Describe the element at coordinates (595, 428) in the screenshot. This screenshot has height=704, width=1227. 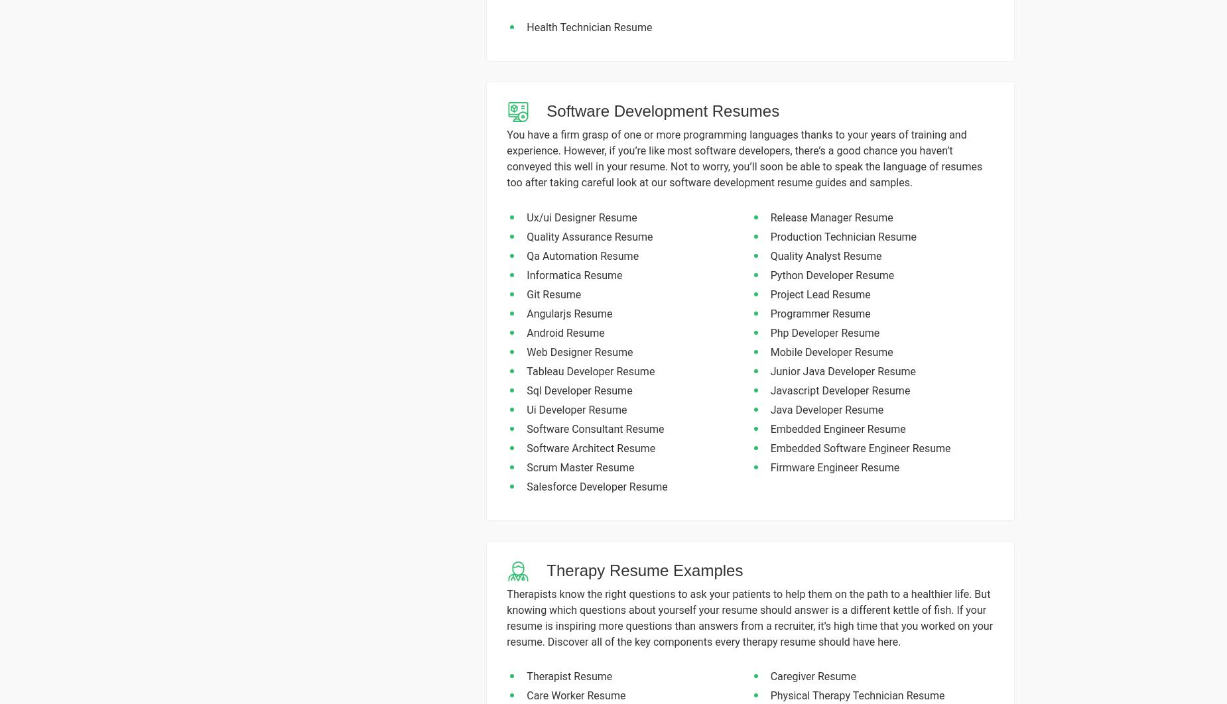
I see `'Software Consultant Resume'` at that location.